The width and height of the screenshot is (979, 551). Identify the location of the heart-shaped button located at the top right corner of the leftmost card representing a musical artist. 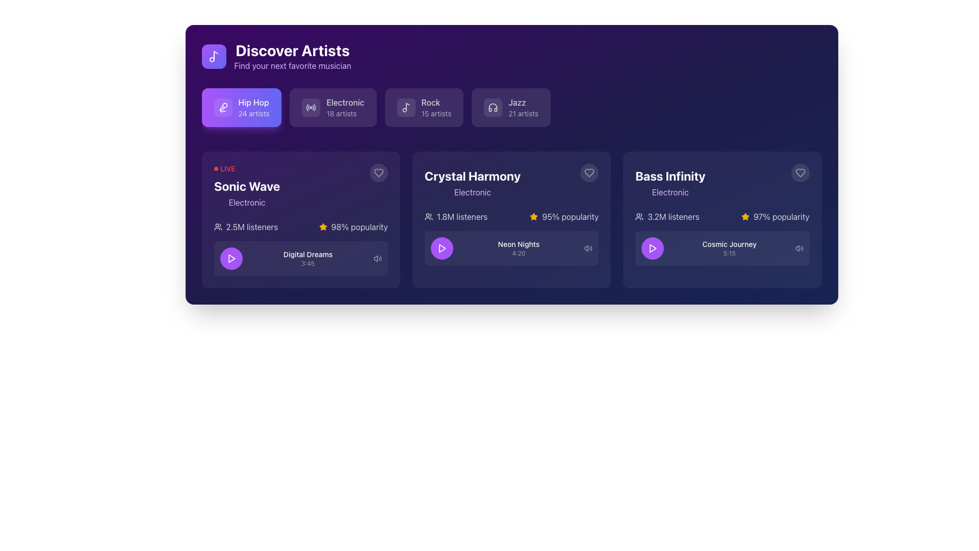
(378, 172).